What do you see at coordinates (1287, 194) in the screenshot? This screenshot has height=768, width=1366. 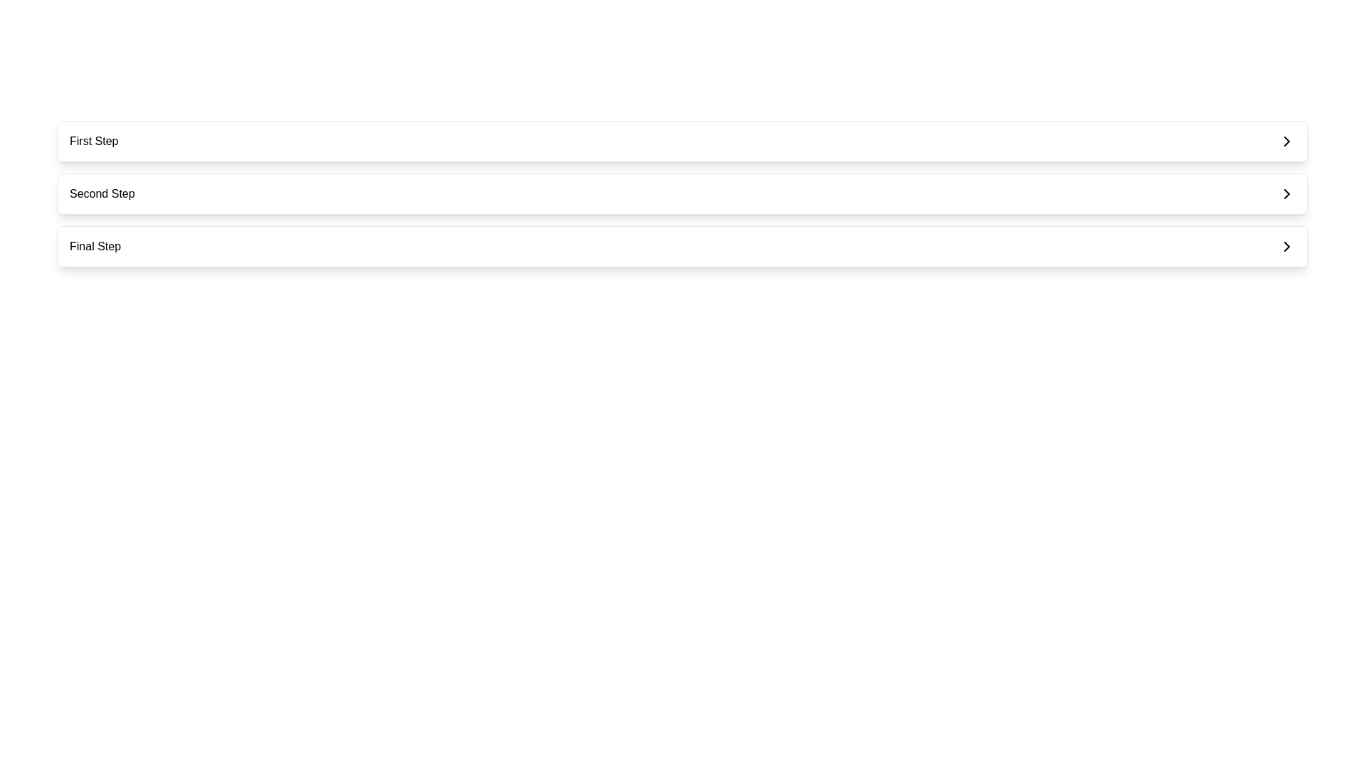 I see `the right-facing chevron icon located at the far-right side of the 'Second Step' list item` at bounding box center [1287, 194].